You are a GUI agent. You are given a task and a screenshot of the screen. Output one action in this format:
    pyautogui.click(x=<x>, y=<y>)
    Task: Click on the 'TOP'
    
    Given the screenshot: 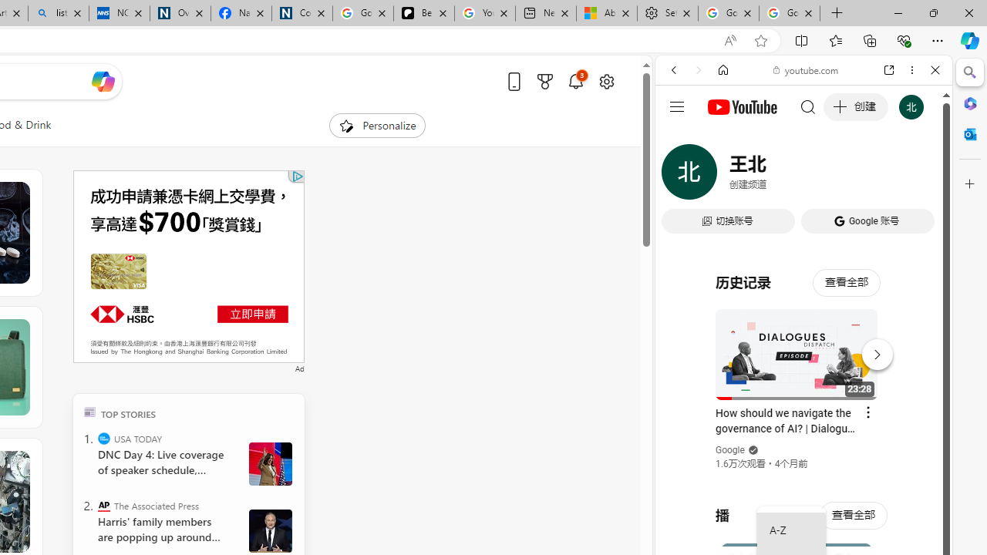 What is the action you would take?
    pyautogui.click(x=89, y=411)
    